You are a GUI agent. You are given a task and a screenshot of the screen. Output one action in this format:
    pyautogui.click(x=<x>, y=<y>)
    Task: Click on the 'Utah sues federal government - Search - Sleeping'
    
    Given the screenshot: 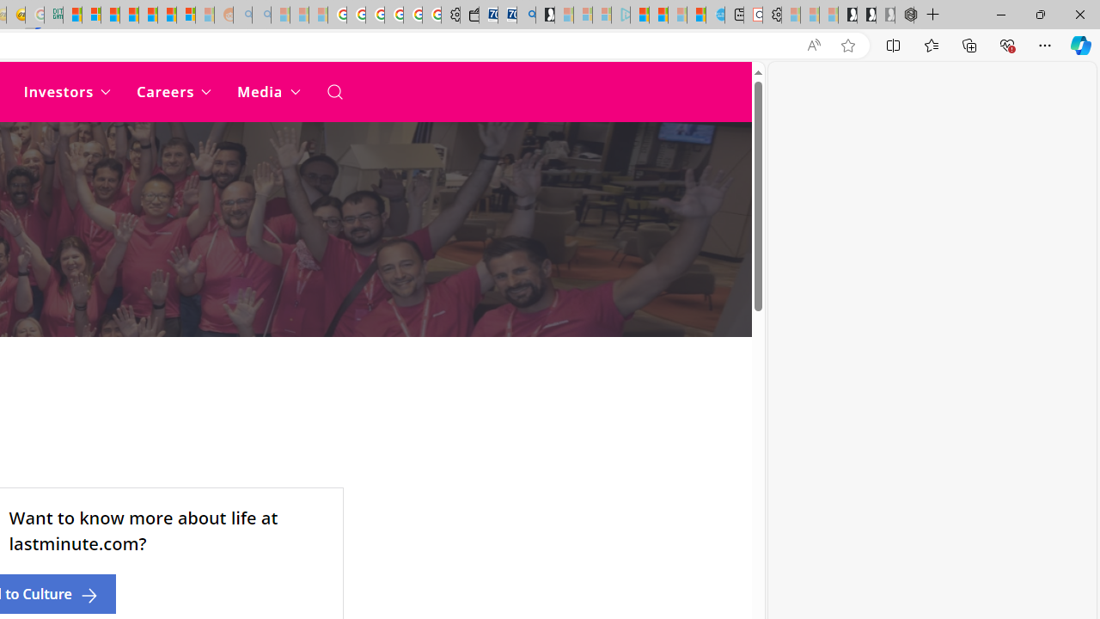 What is the action you would take?
    pyautogui.click(x=260, y=15)
    